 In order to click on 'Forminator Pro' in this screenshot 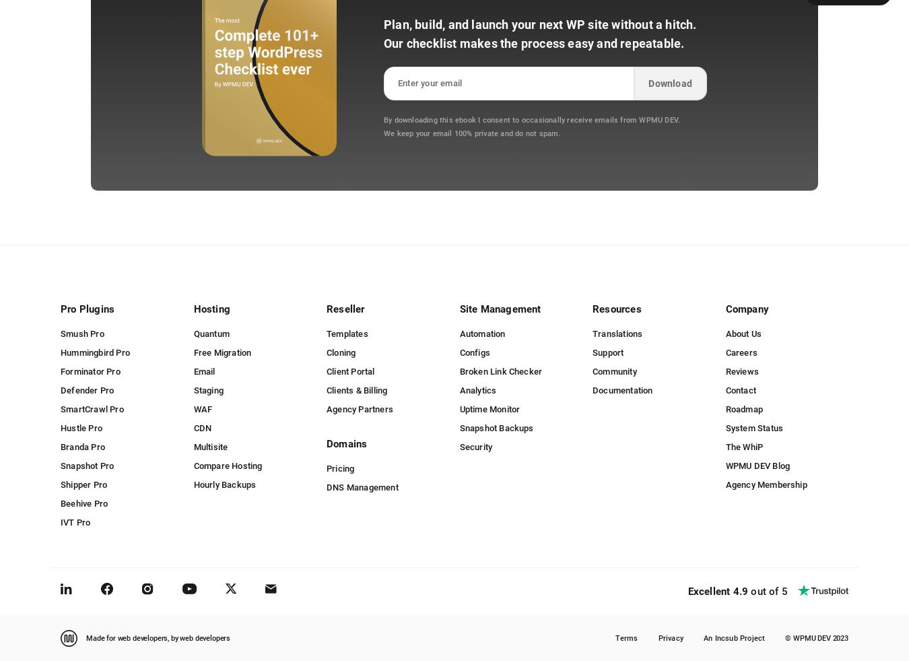, I will do `click(90, 371)`.